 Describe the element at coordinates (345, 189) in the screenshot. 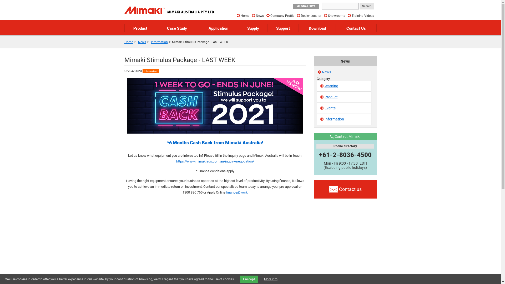

I see `'Contact us'` at that location.